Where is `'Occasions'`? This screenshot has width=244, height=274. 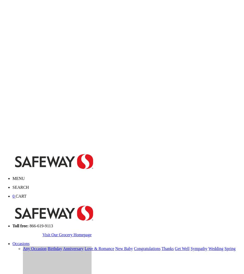
'Occasions' is located at coordinates (21, 243).